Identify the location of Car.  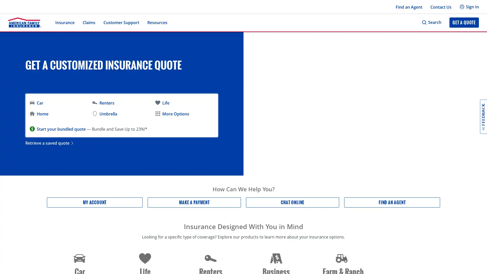
(36, 103).